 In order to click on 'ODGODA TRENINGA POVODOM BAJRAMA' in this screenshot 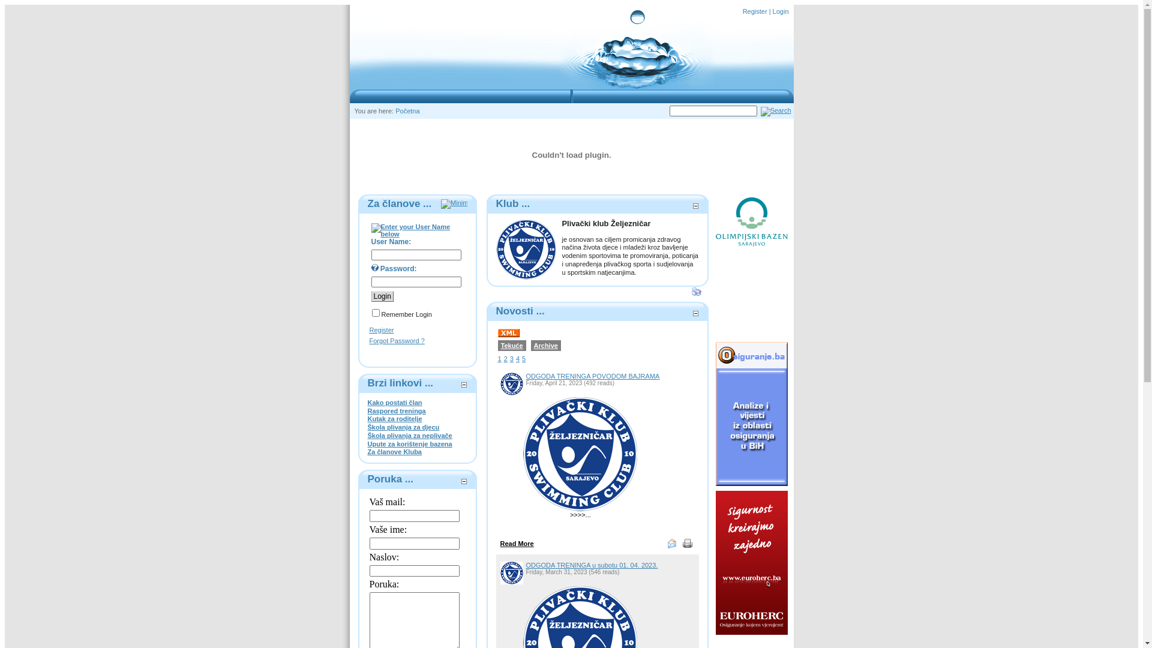, I will do `click(525, 376)`.